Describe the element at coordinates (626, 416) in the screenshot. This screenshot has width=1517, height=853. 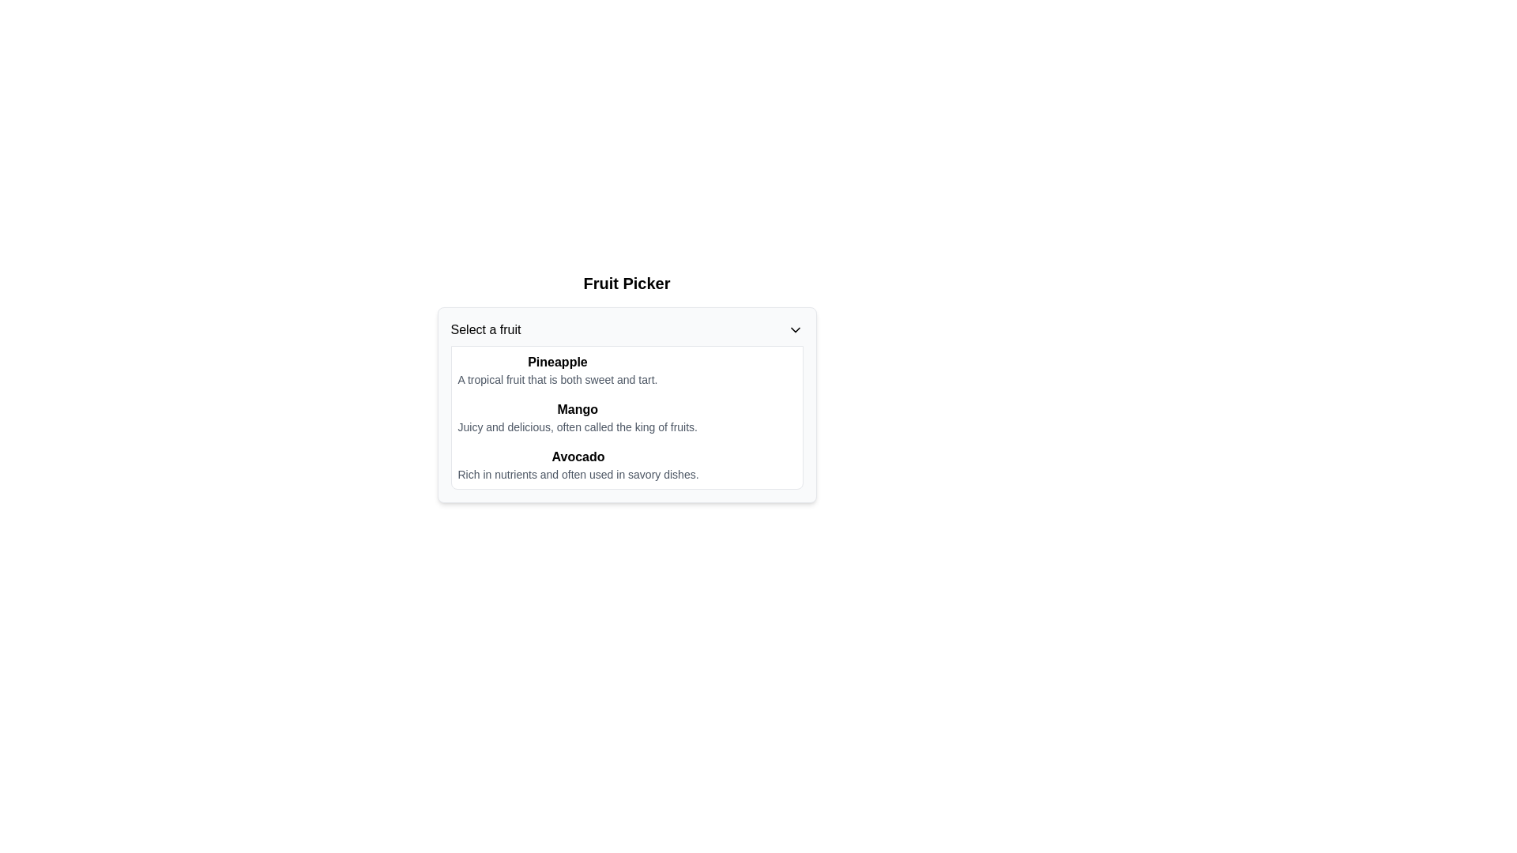
I see `the Dropdown List Section that contains three rows listing fruits with their descriptions, positioned below the 'Select a fruit' label` at that location.